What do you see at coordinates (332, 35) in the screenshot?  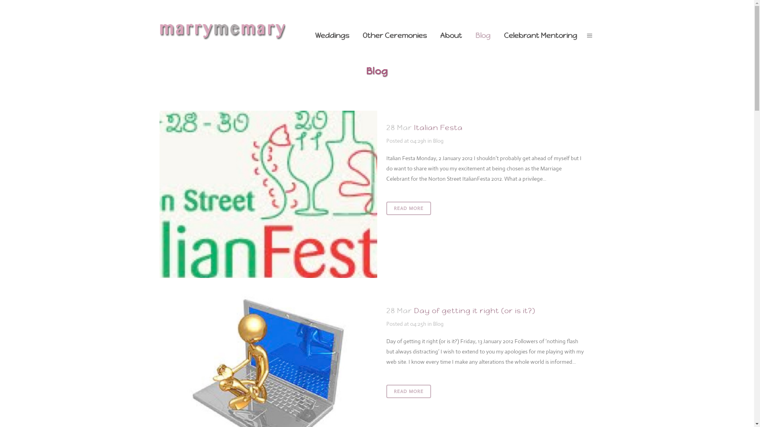 I see `'Weddings'` at bounding box center [332, 35].